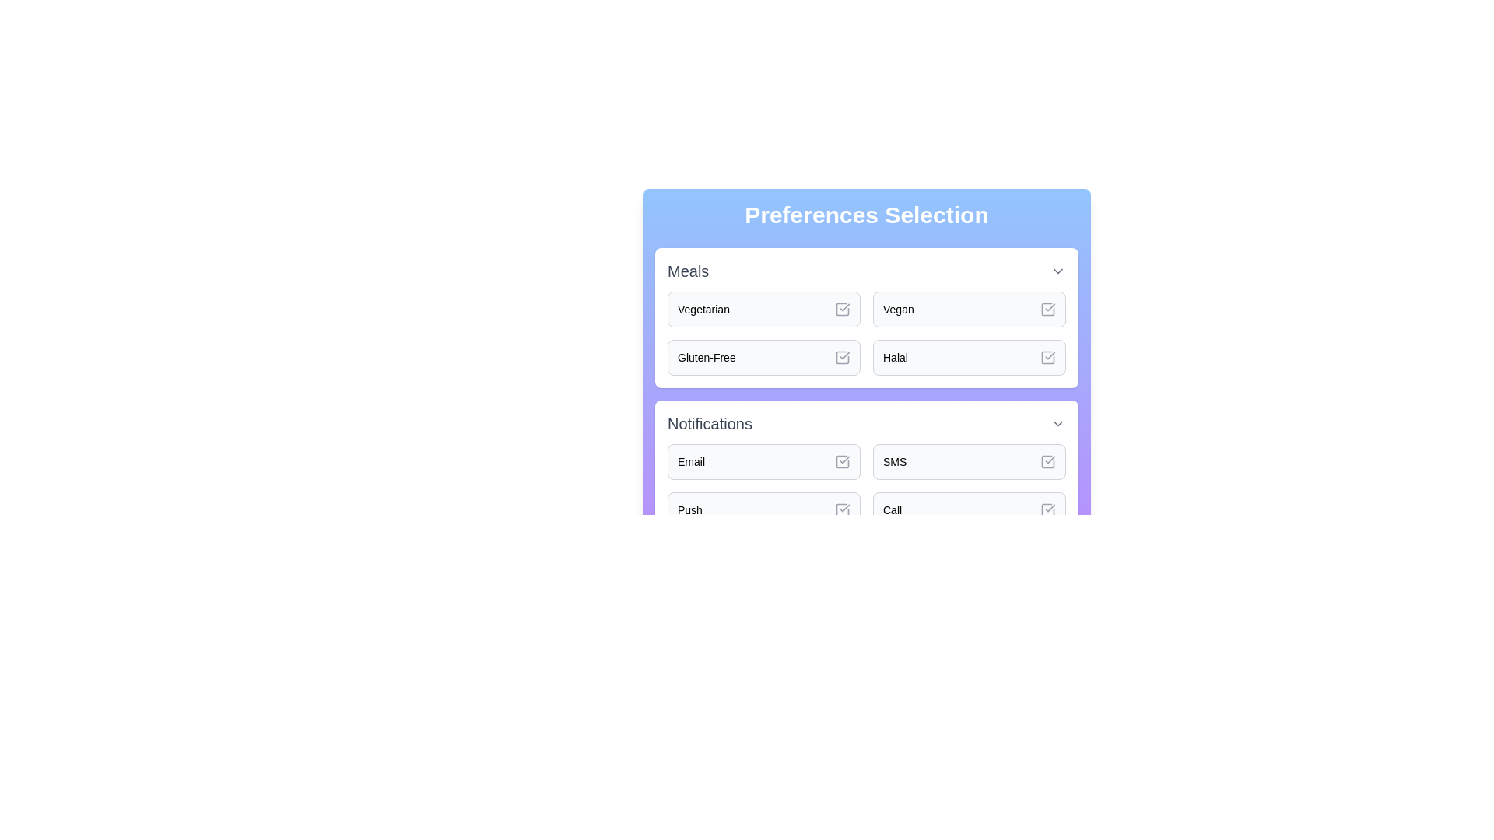 The image size is (1494, 840). What do you see at coordinates (764, 461) in the screenshot?
I see `the 'Email' notification selection button located at the top-left position of the Notifications section` at bounding box center [764, 461].